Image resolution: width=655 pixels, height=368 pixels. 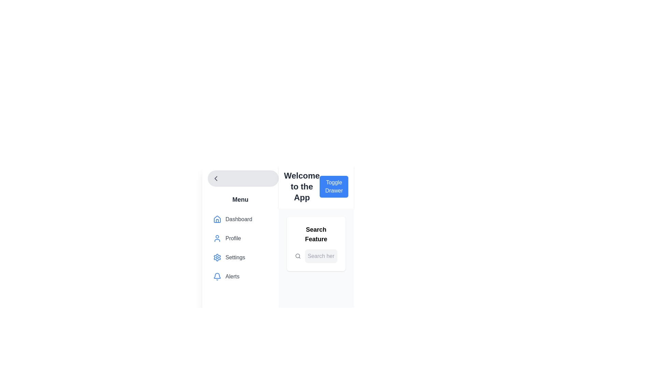 What do you see at coordinates (217, 238) in the screenshot?
I see `the 'Profile' icon located on the left side of the sidebar menu` at bounding box center [217, 238].